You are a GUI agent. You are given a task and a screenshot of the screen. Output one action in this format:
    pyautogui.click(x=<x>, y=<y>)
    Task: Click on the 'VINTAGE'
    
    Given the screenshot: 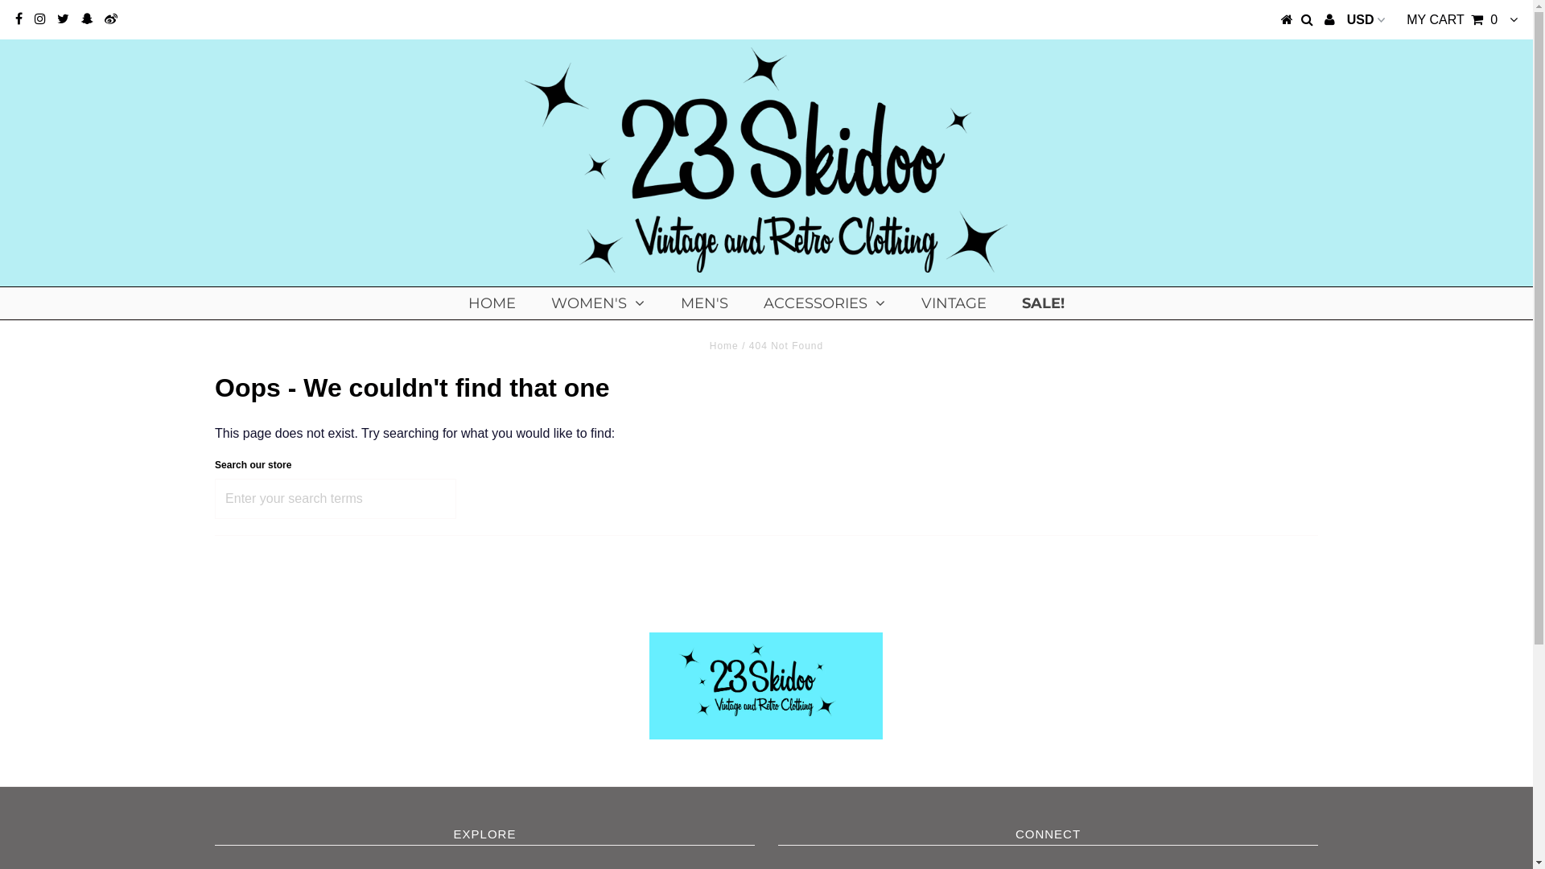 What is the action you would take?
    pyautogui.click(x=954, y=303)
    